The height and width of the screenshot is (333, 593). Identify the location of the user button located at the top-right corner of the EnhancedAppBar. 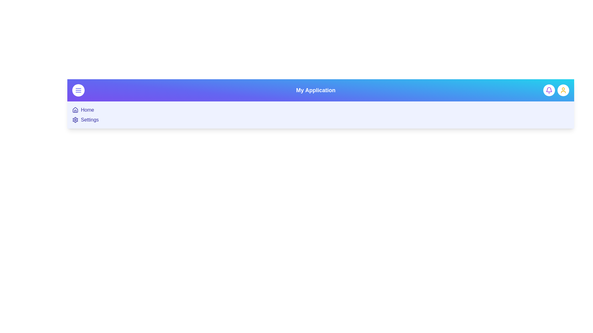
(563, 90).